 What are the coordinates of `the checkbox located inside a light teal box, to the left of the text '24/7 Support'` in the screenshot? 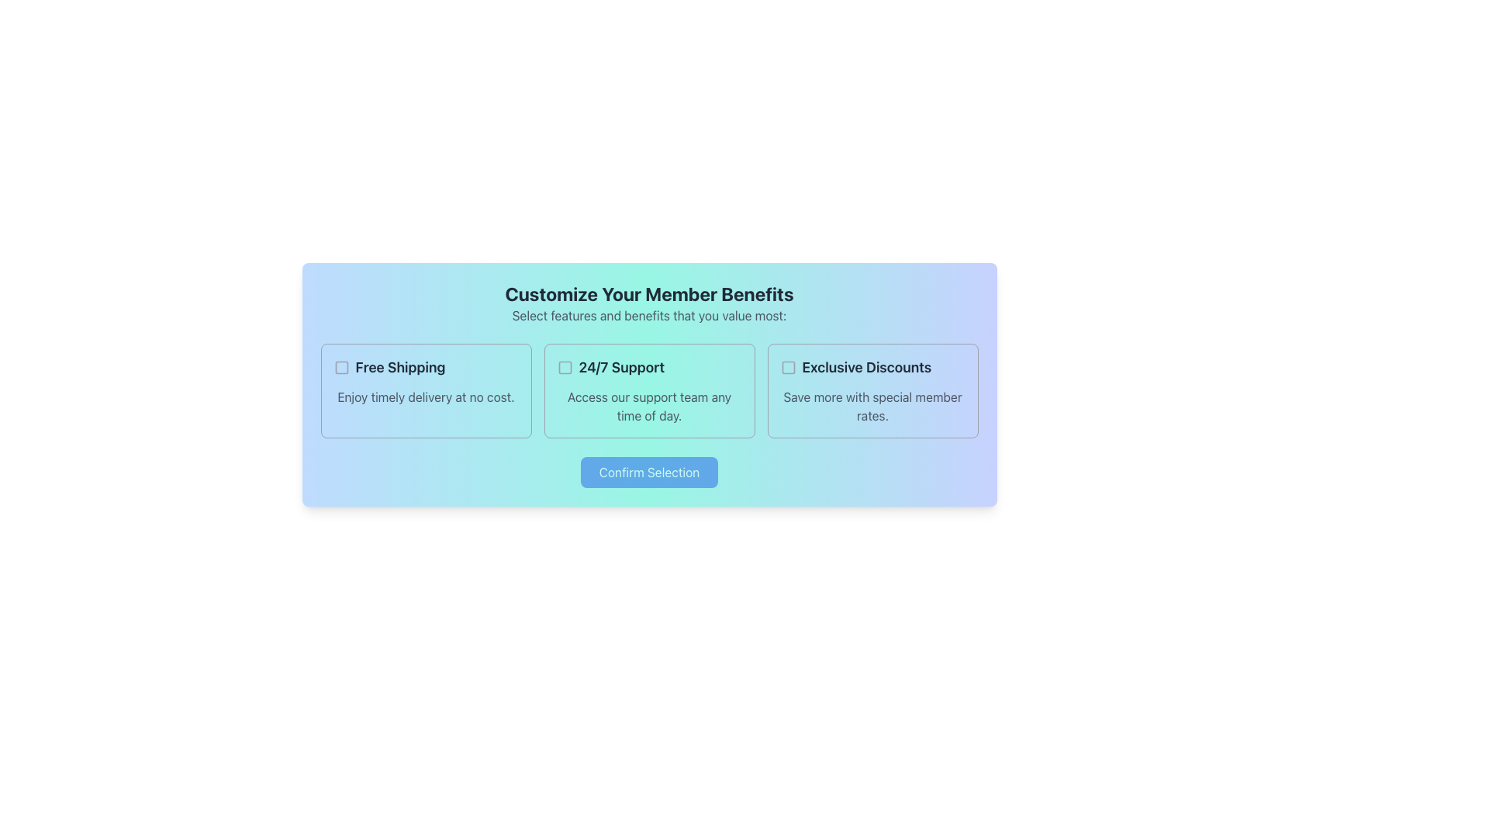 It's located at (564, 368).